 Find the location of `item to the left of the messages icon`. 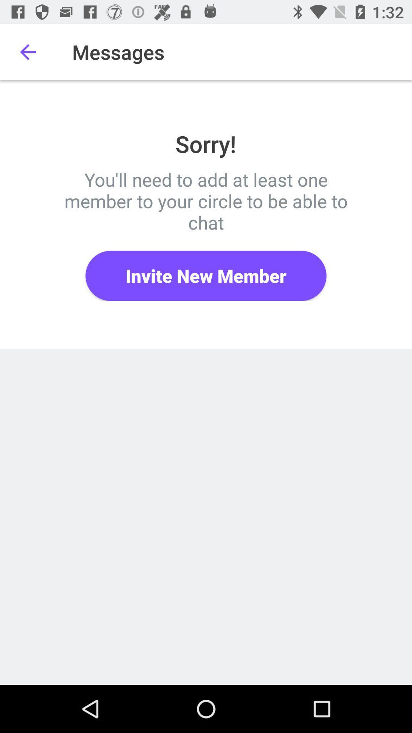

item to the left of the messages icon is located at coordinates (27, 52).